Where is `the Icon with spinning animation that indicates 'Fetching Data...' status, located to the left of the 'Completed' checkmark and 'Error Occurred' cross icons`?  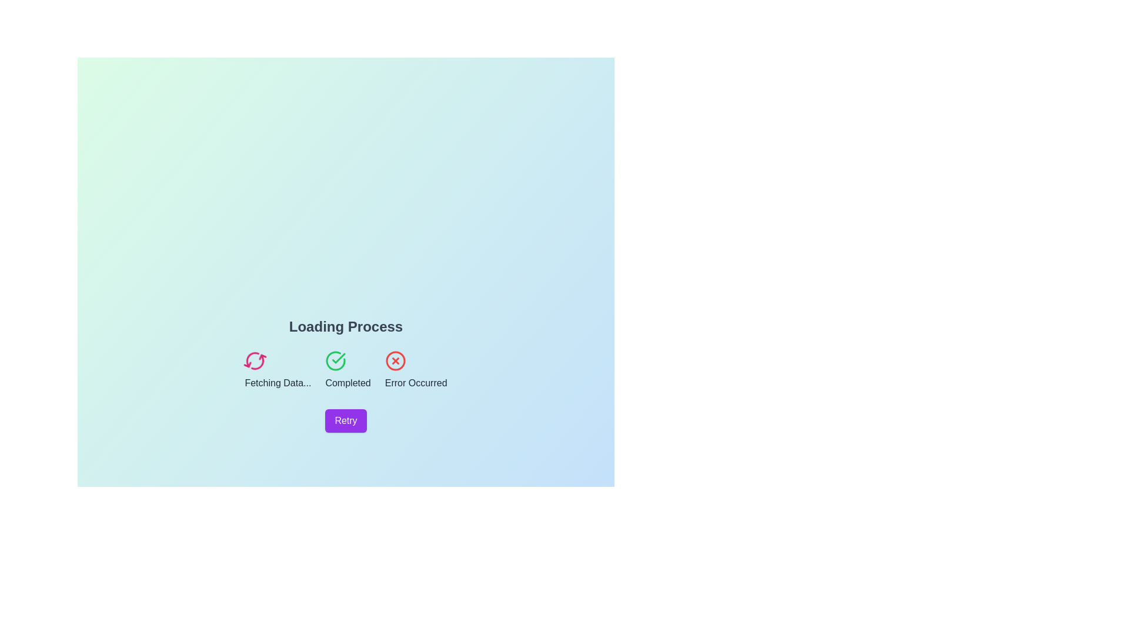
the Icon with spinning animation that indicates 'Fetching Data...' status, located to the left of the 'Completed' checkmark and 'Error Occurred' cross icons is located at coordinates (255, 360).